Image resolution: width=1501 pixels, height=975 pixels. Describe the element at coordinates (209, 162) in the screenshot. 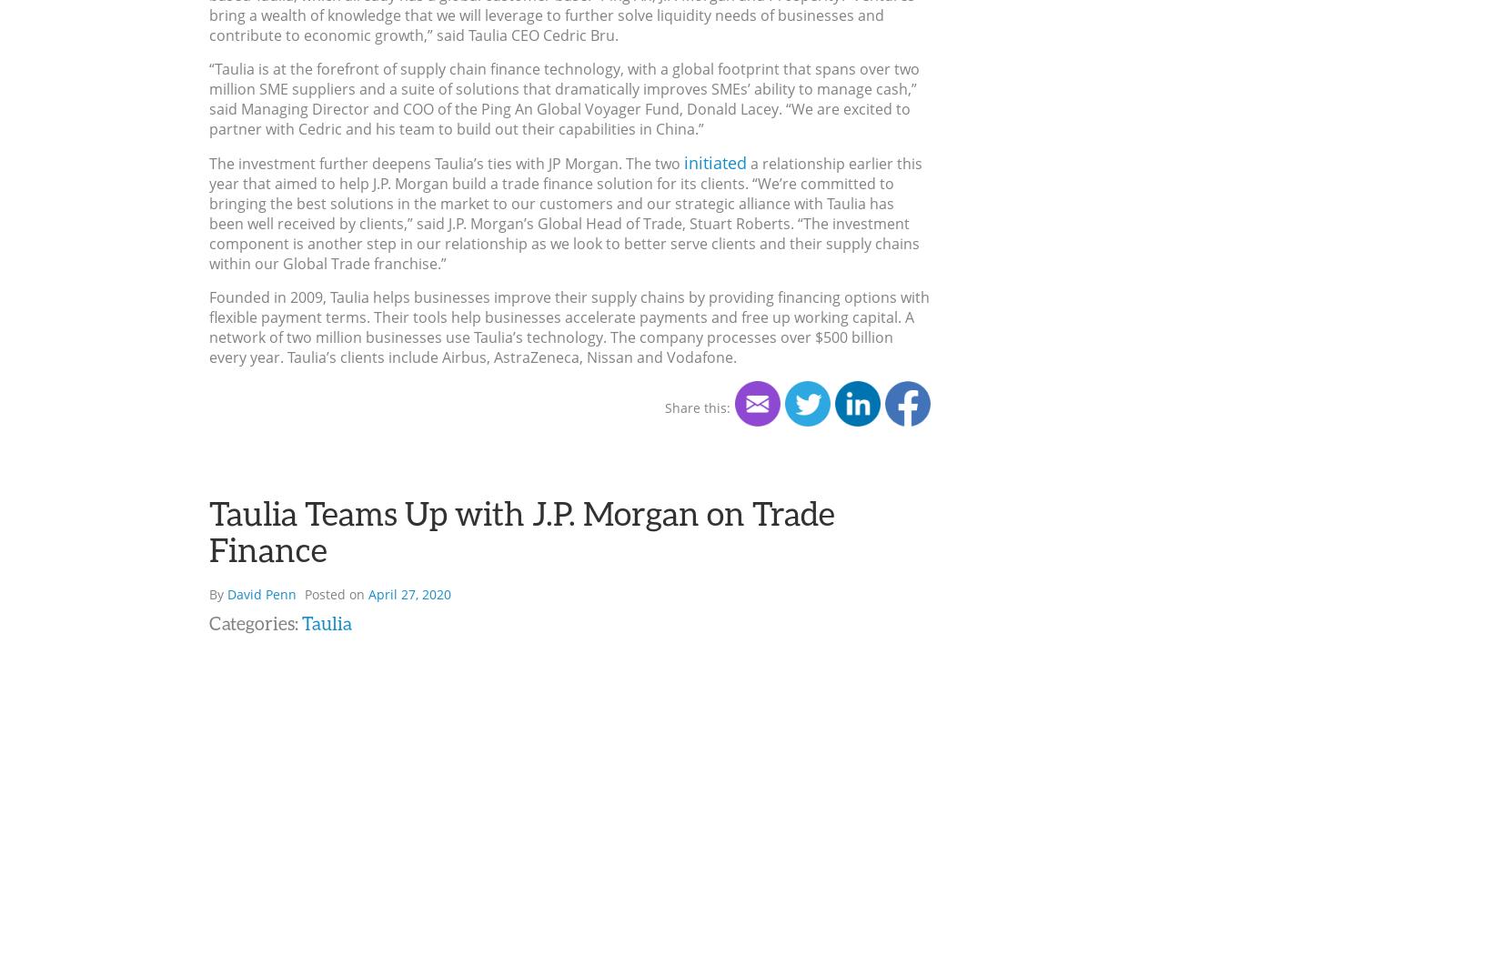

I see `'The investment further deepens Taulia’s ties with JP Morgan. The two'` at that location.